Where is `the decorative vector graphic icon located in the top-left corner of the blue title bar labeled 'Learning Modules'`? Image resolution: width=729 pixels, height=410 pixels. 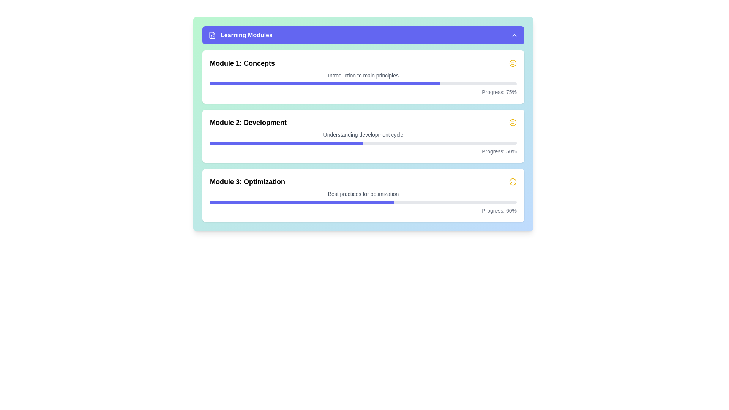
the decorative vector graphic icon located in the top-left corner of the blue title bar labeled 'Learning Modules' is located at coordinates (212, 35).